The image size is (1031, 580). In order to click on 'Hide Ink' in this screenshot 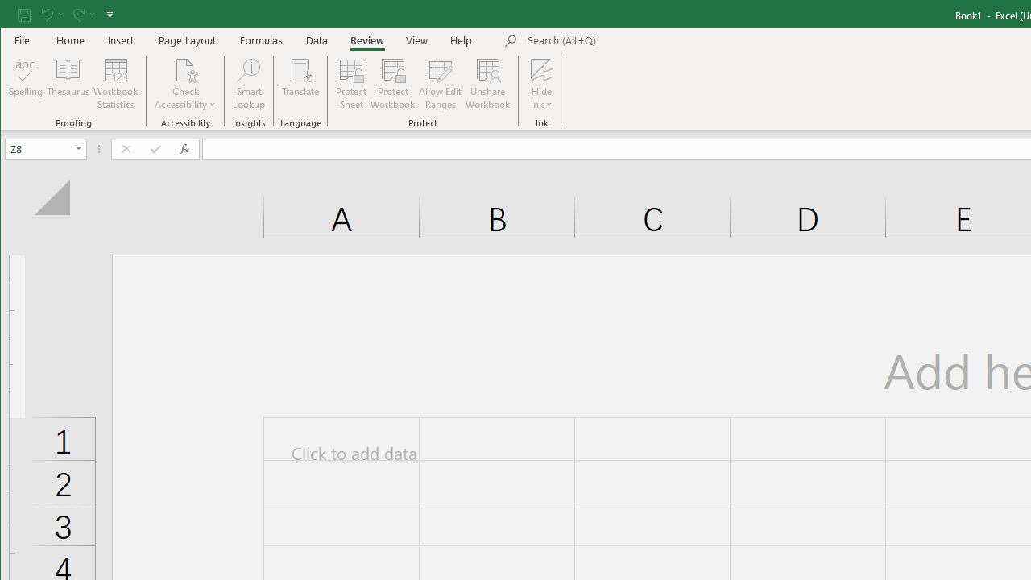, I will do `click(541, 84)`.